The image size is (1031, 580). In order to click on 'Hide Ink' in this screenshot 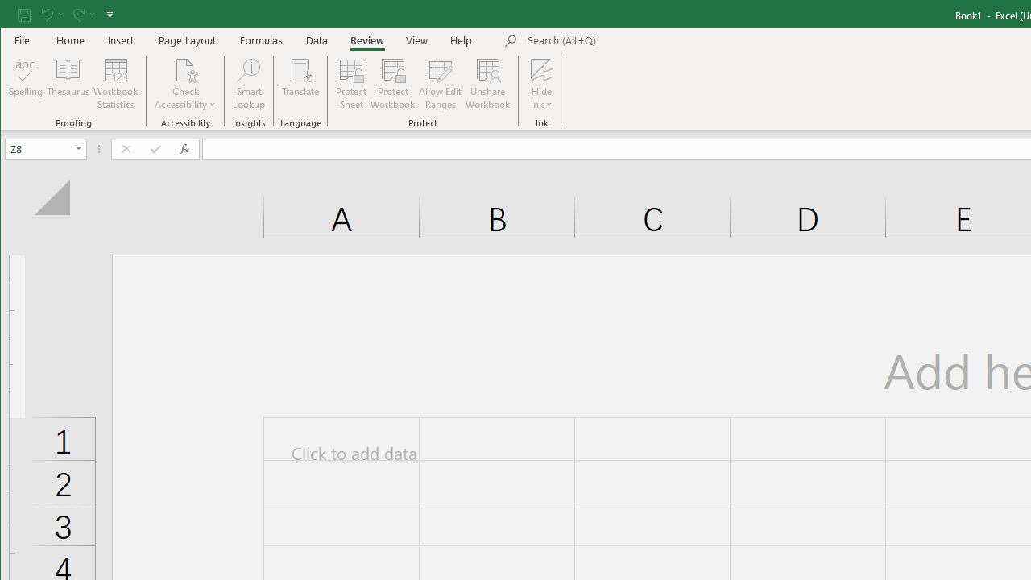, I will do `click(541, 84)`.